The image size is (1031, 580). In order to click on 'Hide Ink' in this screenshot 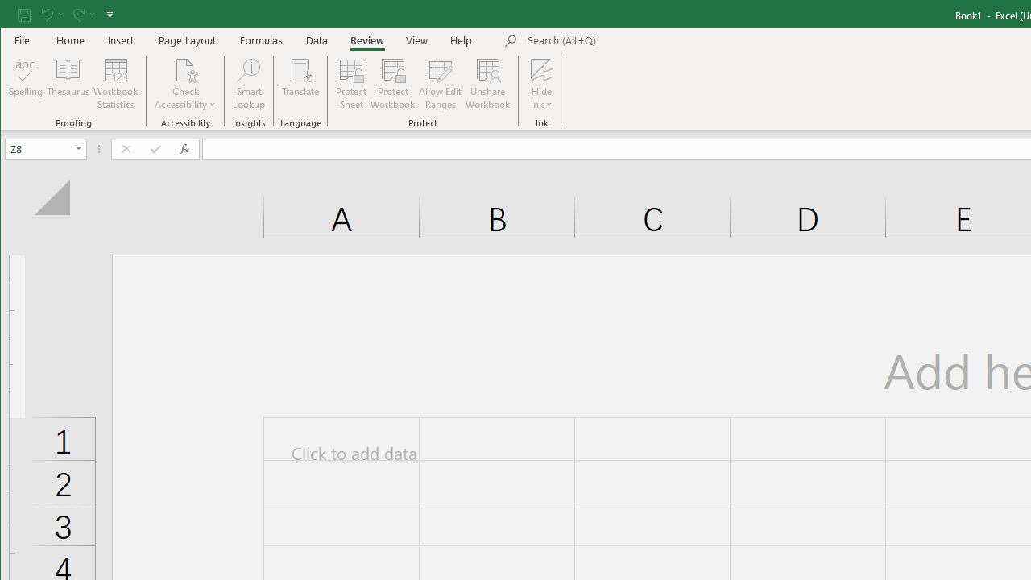, I will do `click(541, 84)`.